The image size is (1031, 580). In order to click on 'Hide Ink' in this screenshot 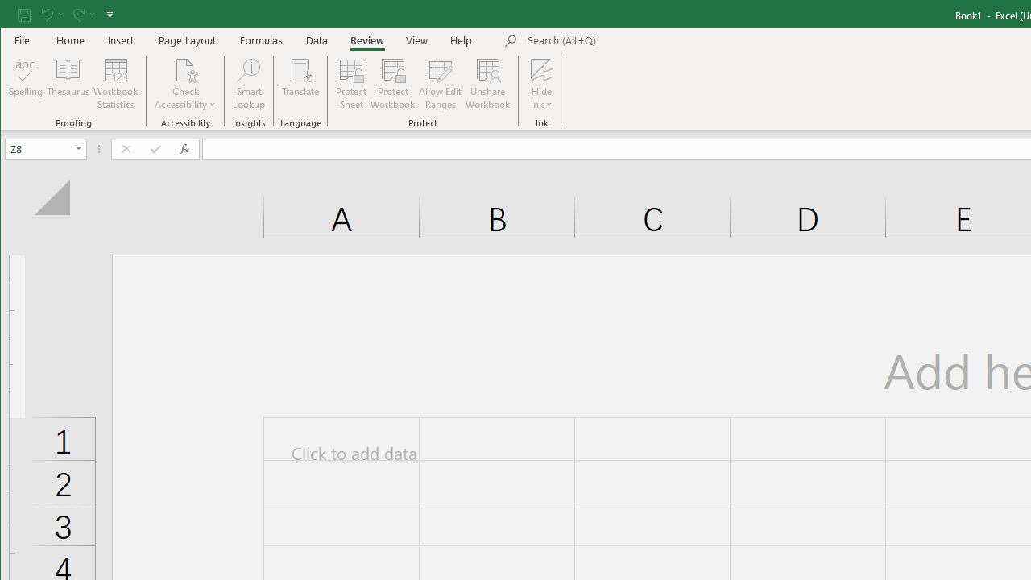, I will do `click(541, 84)`.